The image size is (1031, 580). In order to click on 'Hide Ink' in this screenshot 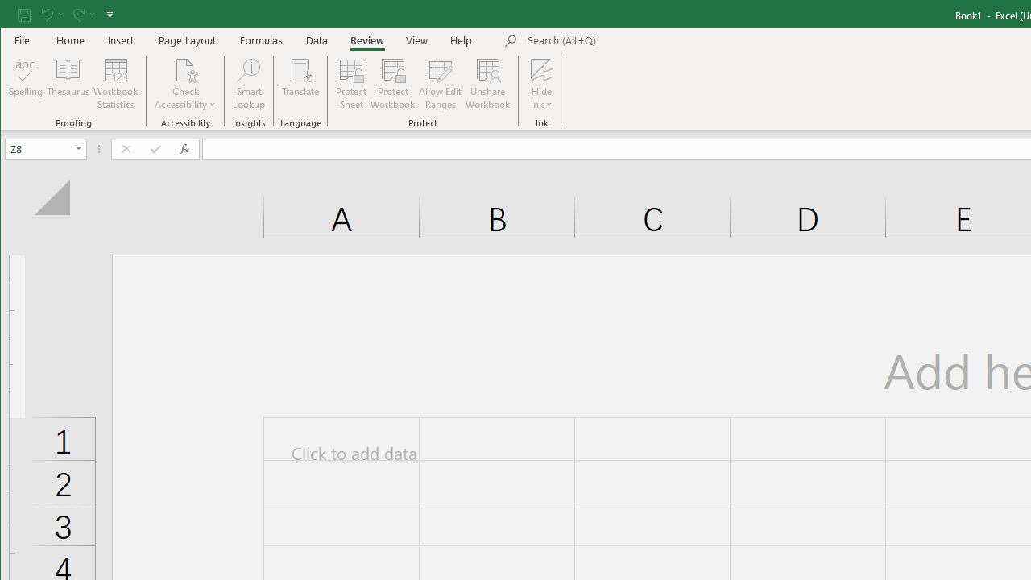, I will do `click(541, 84)`.